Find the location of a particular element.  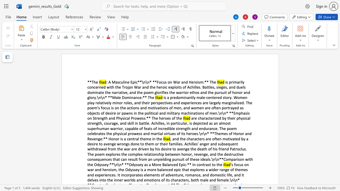

the 9th character "r" in the text is located at coordinates (98, 149).